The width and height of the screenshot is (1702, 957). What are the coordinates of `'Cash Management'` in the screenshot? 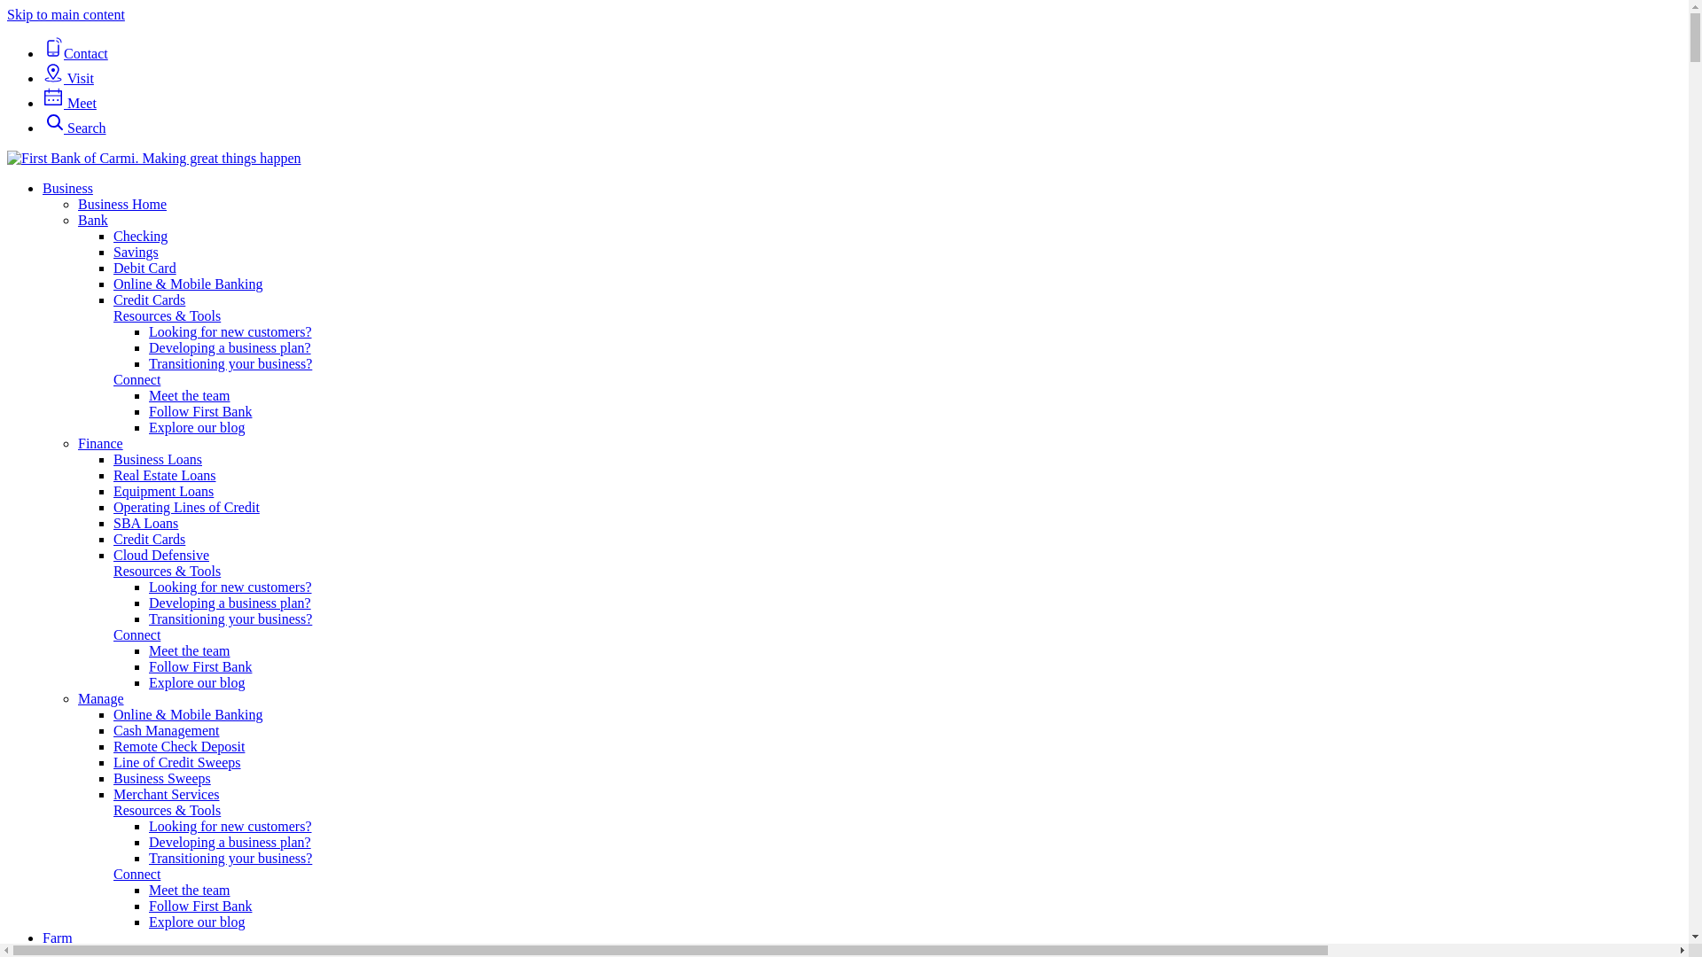 It's located at (113, 730).